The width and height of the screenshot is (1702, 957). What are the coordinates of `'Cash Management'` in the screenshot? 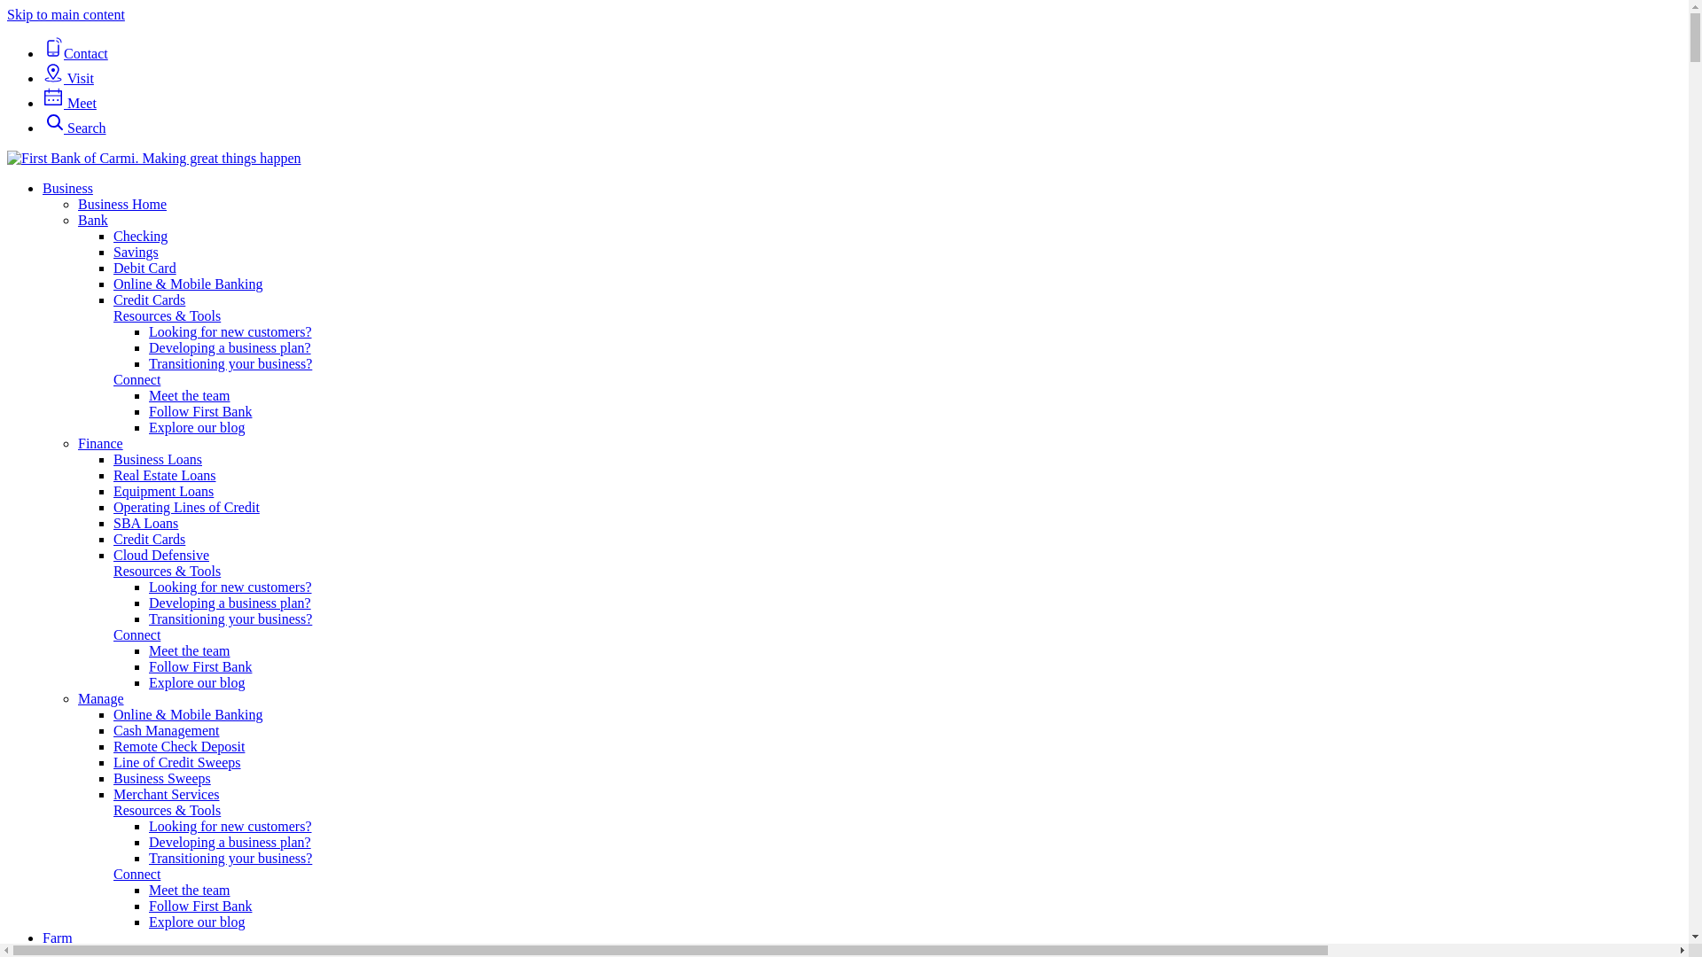 It's located at (113, 730).